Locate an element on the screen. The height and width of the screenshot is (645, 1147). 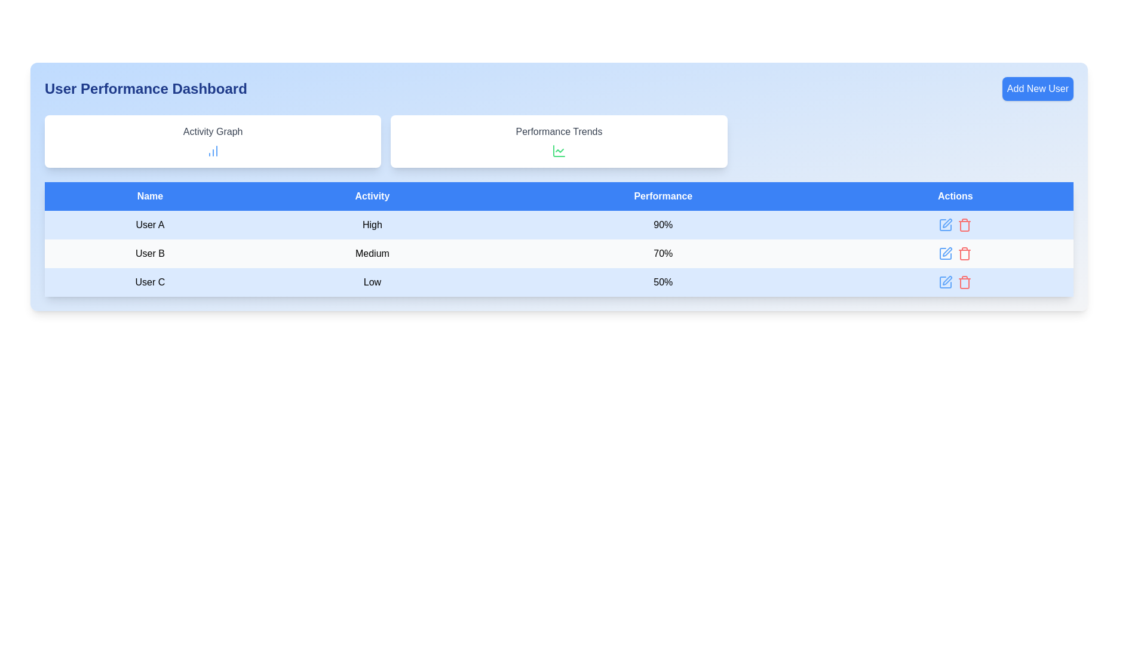
the editing icon in the 'Actions' column for 'User B' in the 'User Performance Dashboard' table is located at coordinates (947, 251).